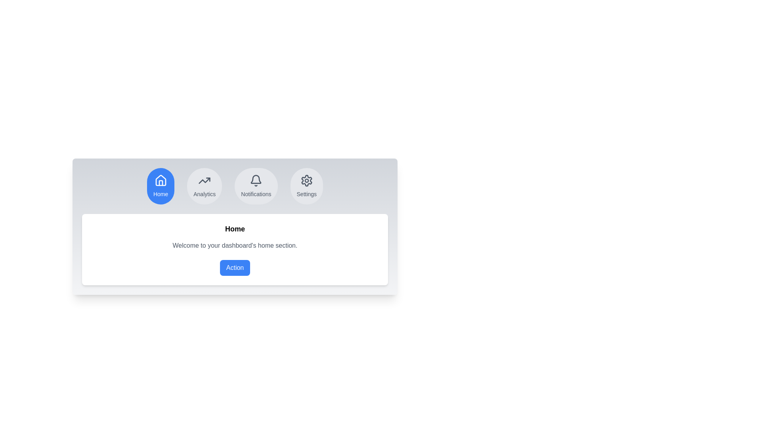 The height and width of the screenshot is (428, 761). What do you see at coordinates (306, 186) in the screenshot?
I see `the Settings tab by clicking its button` at bounding box center [306, 186].